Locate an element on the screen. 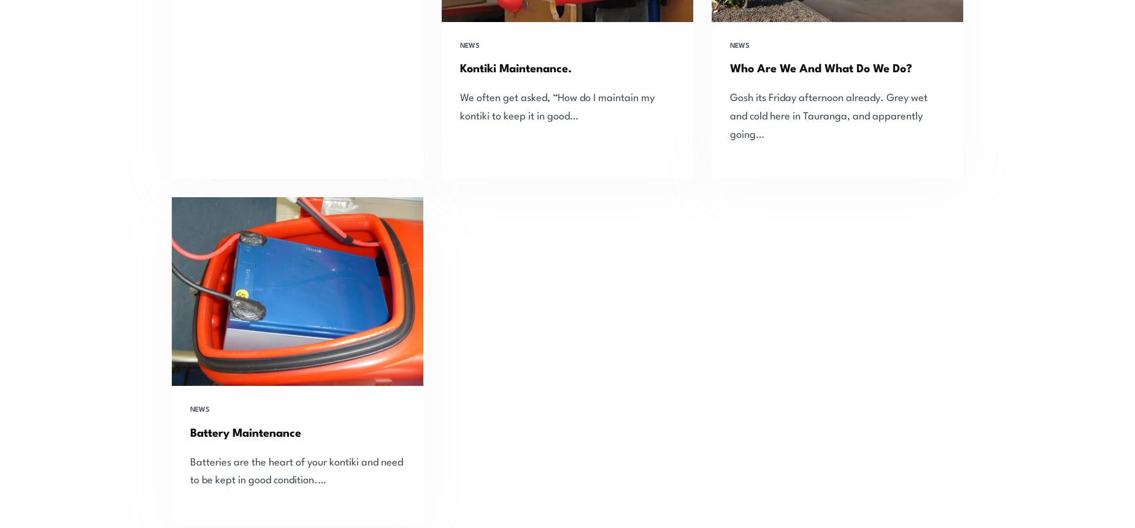 This screenshot has height=528, width=1135. 'Batteries & Chargers' is located at coordinates (529, 457).